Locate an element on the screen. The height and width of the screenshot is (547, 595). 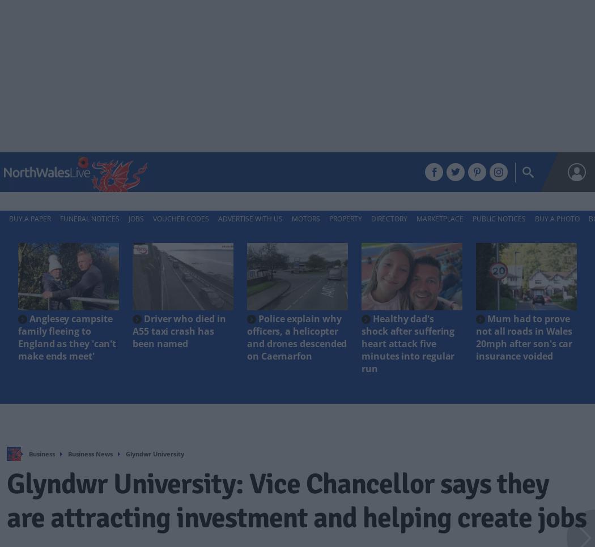
'Property' is located at coordinates (328, 219).